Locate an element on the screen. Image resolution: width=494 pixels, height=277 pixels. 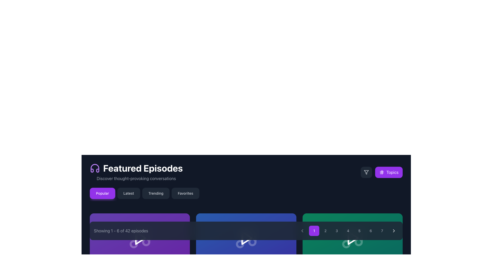
the second button in the pagination control is located at coordinates (325, 230).